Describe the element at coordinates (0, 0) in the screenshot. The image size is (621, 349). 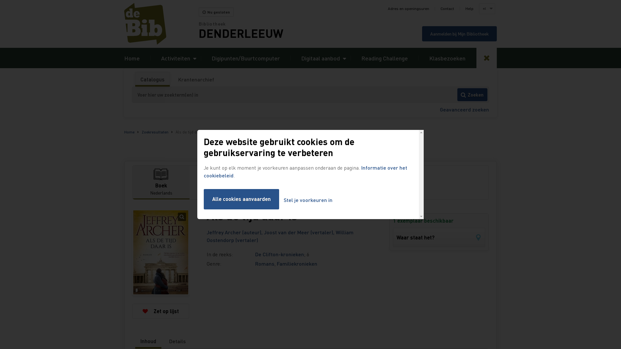
I see `'Overslaan en naar zoeken gaan'` at that location.